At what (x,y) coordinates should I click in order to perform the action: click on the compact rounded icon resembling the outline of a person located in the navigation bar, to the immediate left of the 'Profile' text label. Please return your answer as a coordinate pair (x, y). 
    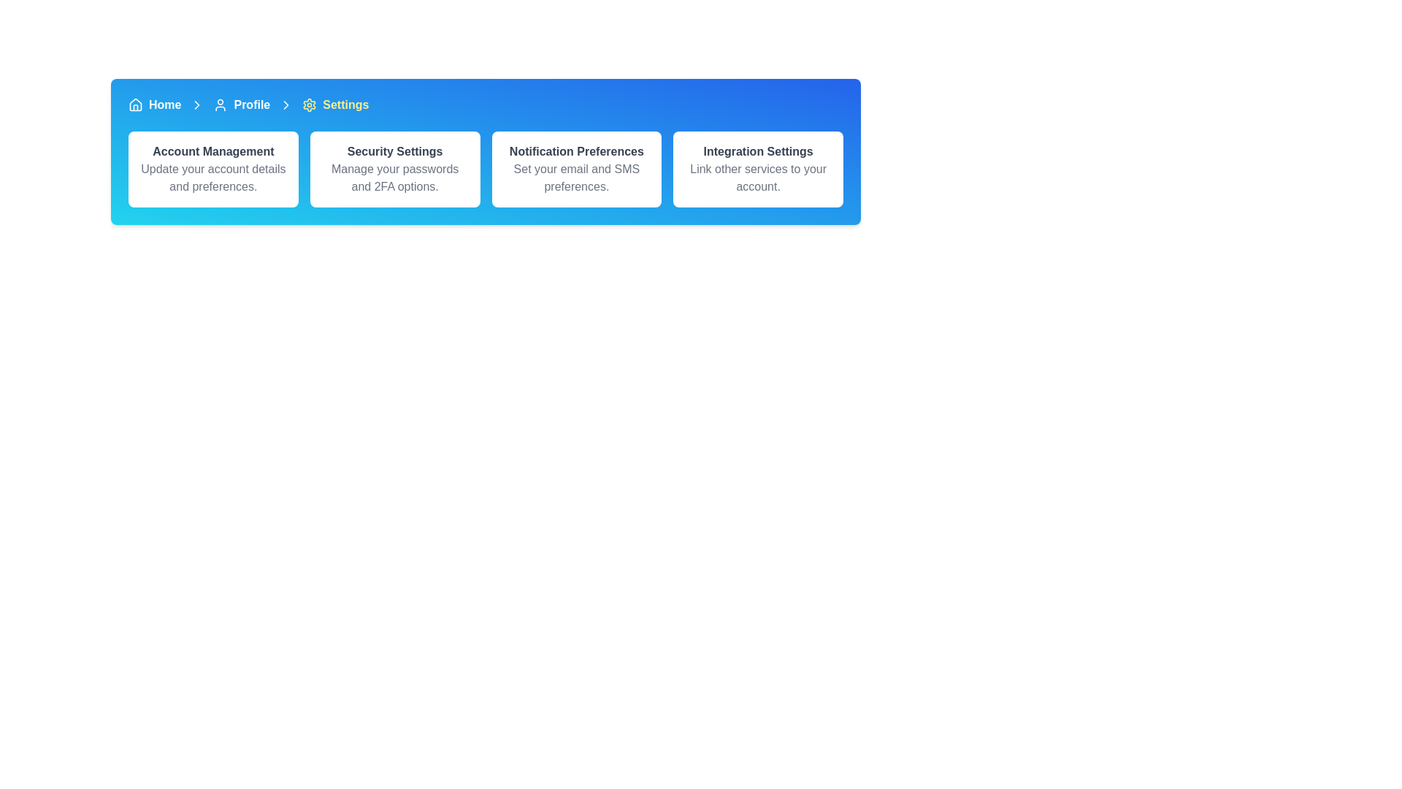
    Looking at the image, I should click on (220, 104).